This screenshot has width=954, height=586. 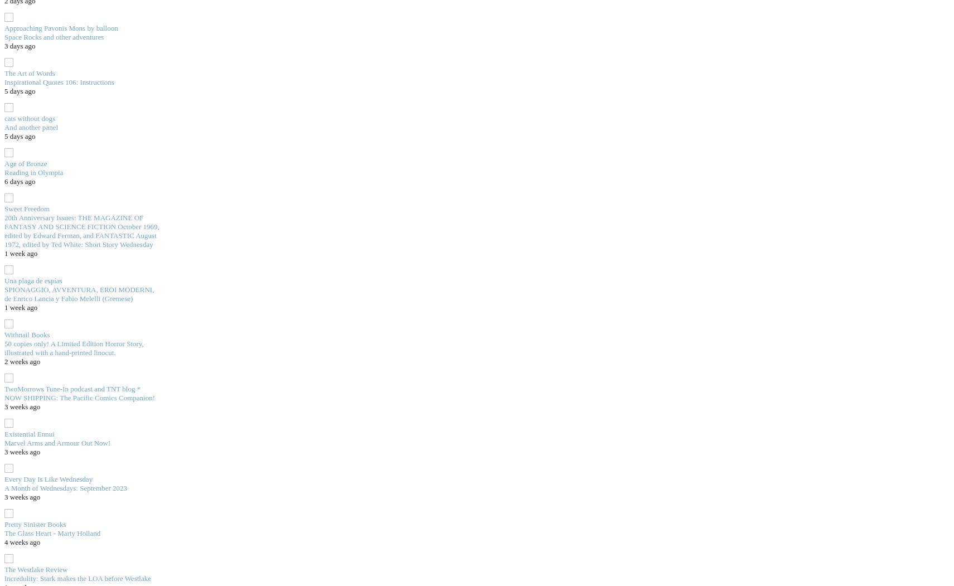 What do you see at coordinates (26, 334) in the screenshot?
I see `'Withnail Books'` at bounding box center [26, 334].